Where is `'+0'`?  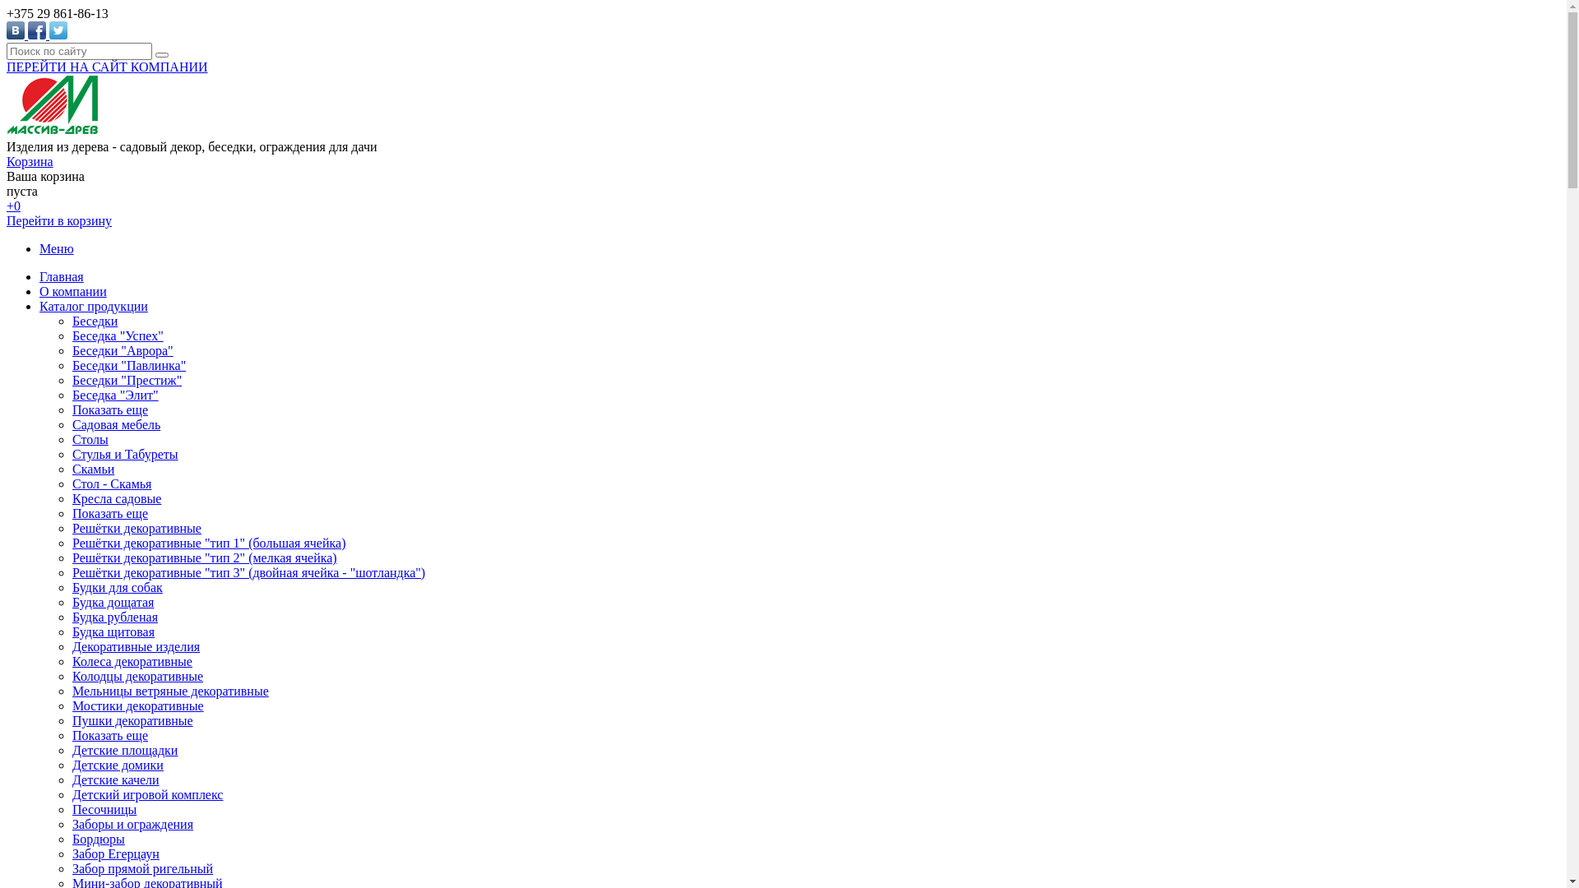 '+0' is located at coordinates (13, 205).